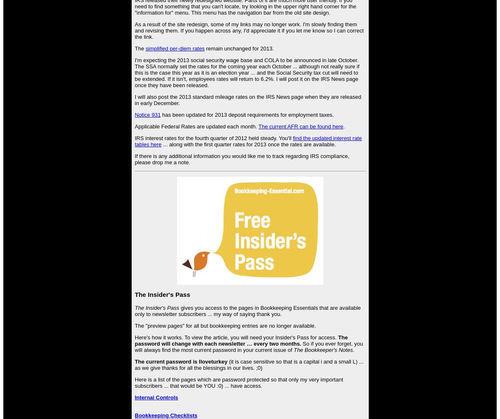 The width and height of the screenshot is (500, 419). What do you see at coordinates (248, 144) in the screenshot?
I see `'... along with the first quarter rates for 2013 once the rates are available.'` at bounding box center [248, 144].